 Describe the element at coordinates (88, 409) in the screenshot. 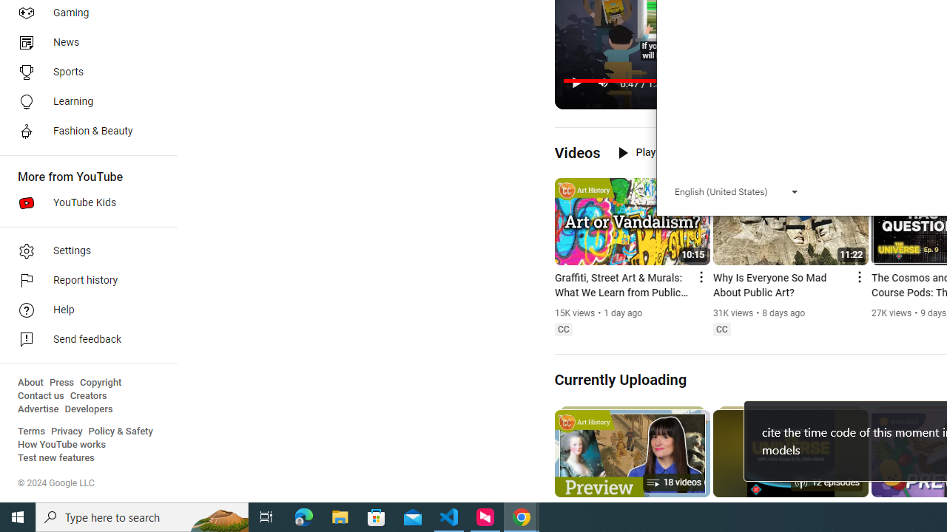

I see `'Developers'` at that location.